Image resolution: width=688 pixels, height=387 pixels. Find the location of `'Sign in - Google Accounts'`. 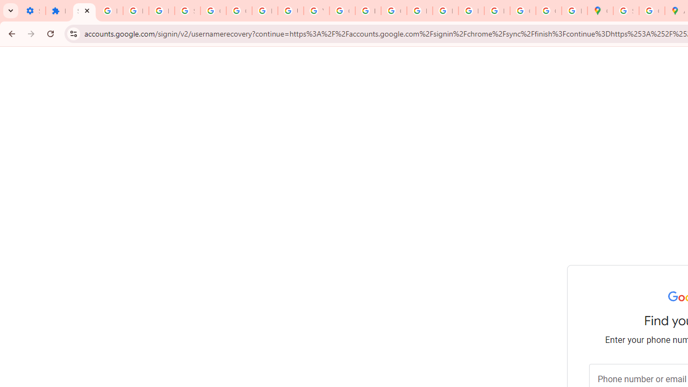

'Sign in - Google Accounts' is located at coordinates (626, 11).